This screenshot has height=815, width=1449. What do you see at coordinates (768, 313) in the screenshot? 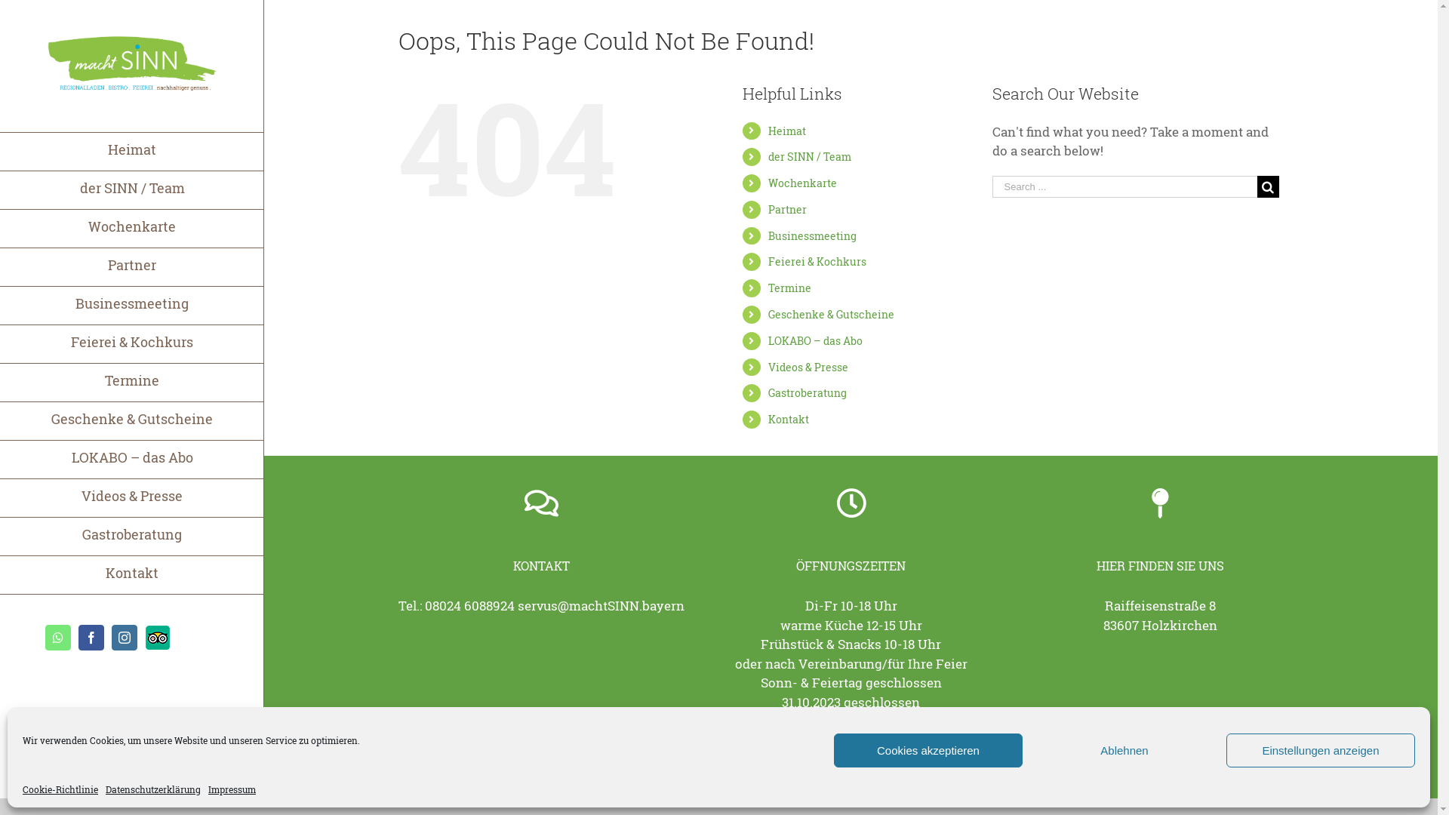
I see `'Geschenke & Gutscheine'` at bounding box center [768, 313].